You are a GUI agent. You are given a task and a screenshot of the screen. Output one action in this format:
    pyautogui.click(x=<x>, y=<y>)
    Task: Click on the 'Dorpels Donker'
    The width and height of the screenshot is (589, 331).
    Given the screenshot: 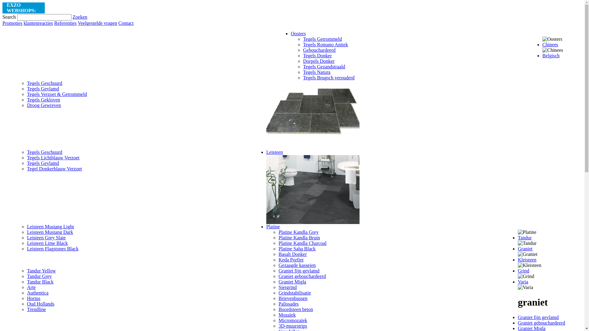 What is the action you would take?
    pyautogui.click(x=319, y=61)
    